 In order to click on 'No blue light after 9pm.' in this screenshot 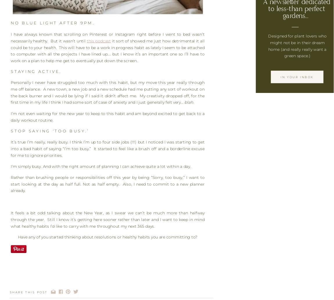, I will do `click(10, 23)`.